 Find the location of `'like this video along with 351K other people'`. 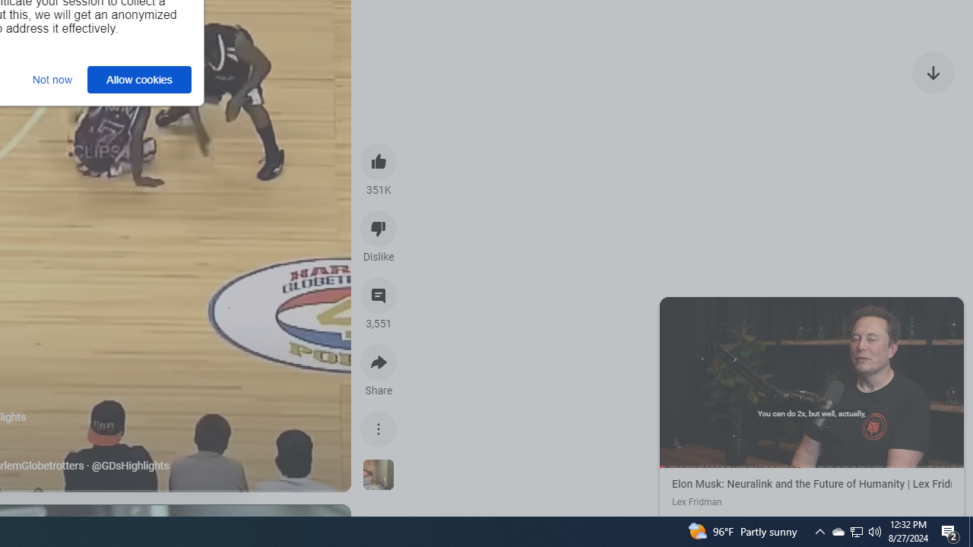

'like this video along with 351K other people' is located at coordinates (379, 161).